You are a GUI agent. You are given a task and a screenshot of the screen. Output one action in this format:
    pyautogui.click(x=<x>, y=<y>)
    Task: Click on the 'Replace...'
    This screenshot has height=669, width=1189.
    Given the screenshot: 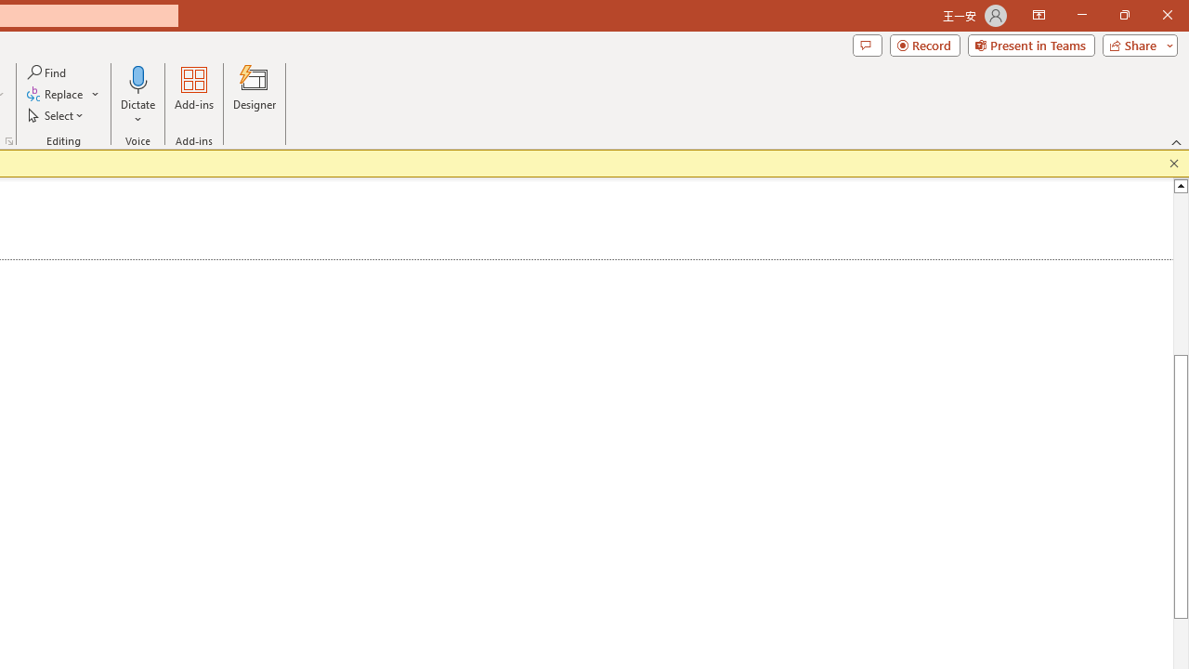 What is the action you would take?
    pyautogui.click(x=64, y=94)
    